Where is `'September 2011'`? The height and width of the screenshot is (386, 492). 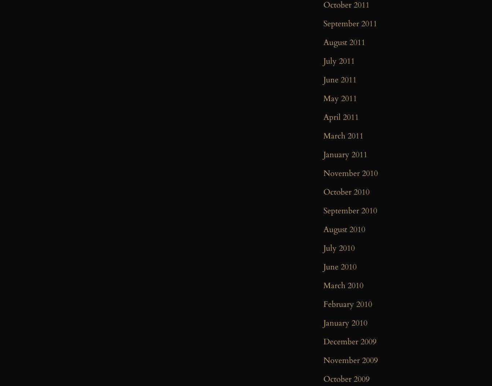
'September 2011' is located at coordinates (350, 23).